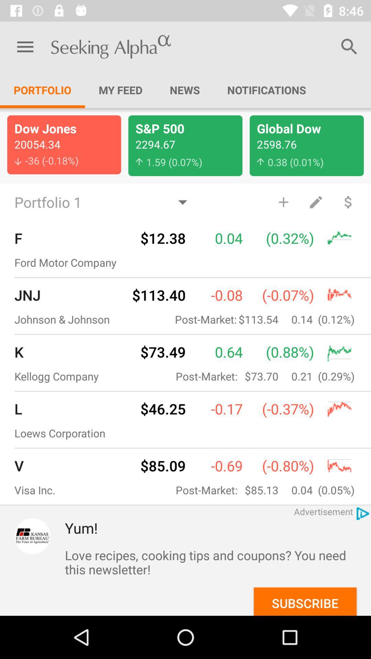 This screenshot has width=371, height=659. What do you see at coordinates (305, 601) in the screenshot?
I see `the item below love recipes cooking icon` at bounding box center [305, 601].